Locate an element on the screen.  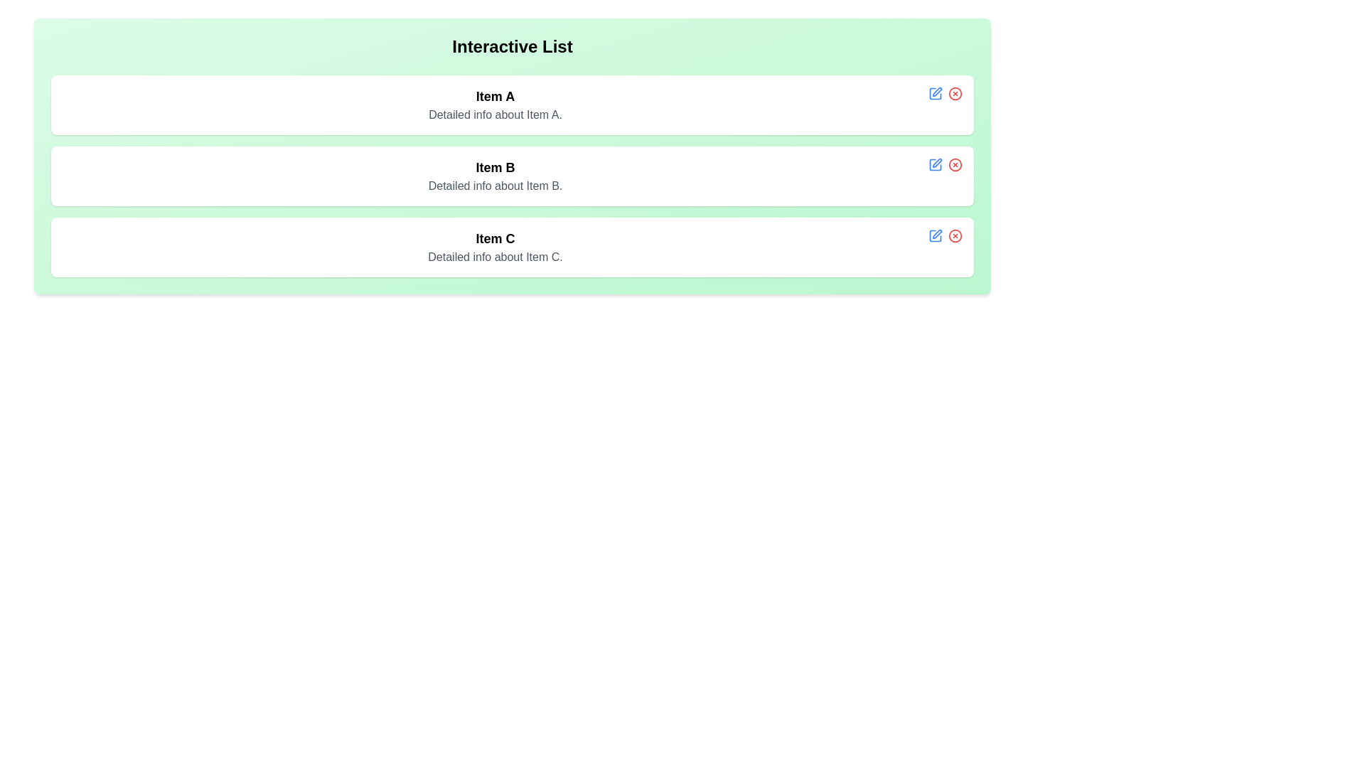
the Circle element of the delete button in the 'Item B' row, which is part of an SVG-based 'X' icon is located at coordinates (955, 164).